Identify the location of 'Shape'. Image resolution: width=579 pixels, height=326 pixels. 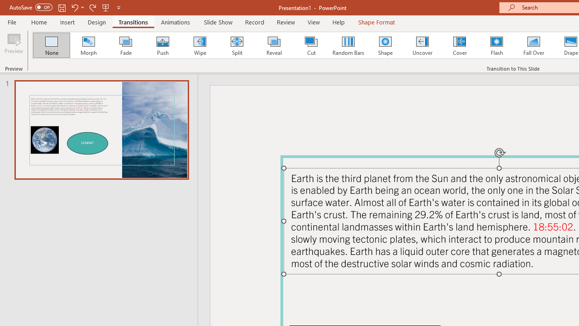
(385, 45).